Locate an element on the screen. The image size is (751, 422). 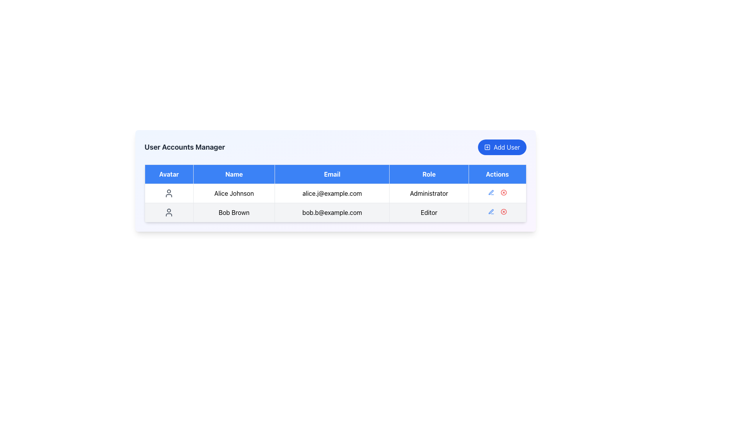
the user avatar icon for user 'Bob Brown' located in the second row of the user table is located at coordinates (169, 212).